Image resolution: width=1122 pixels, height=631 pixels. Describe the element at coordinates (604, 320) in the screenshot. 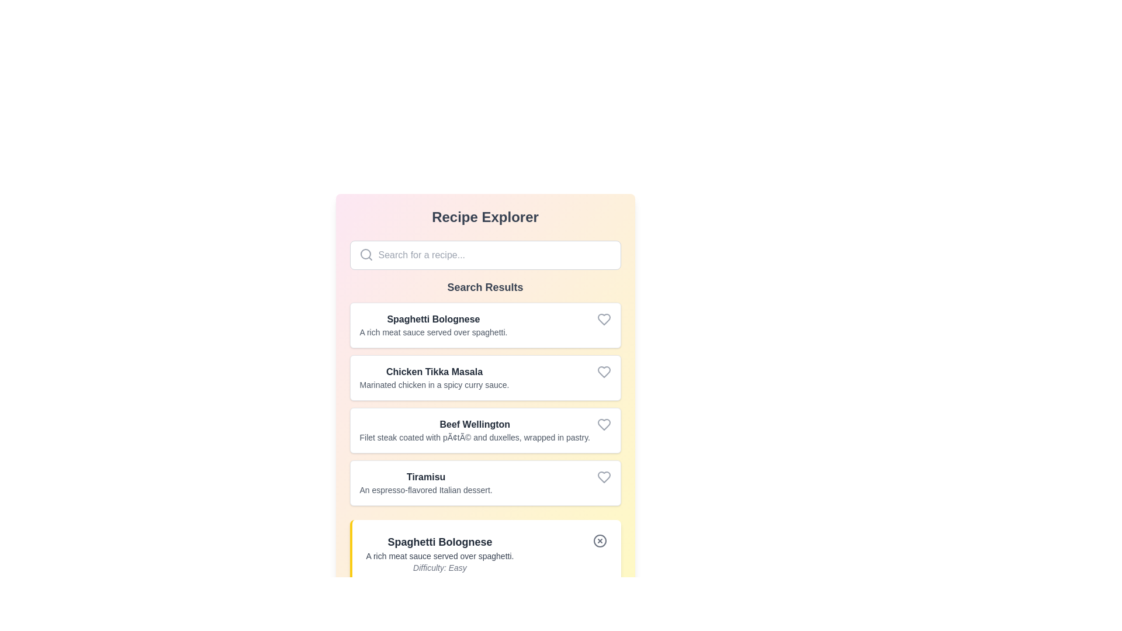

I see `the heart-shaped icon styled for selection or favoriting located on the far right of the 'Spaghetti Bolognese' list item` at that location.